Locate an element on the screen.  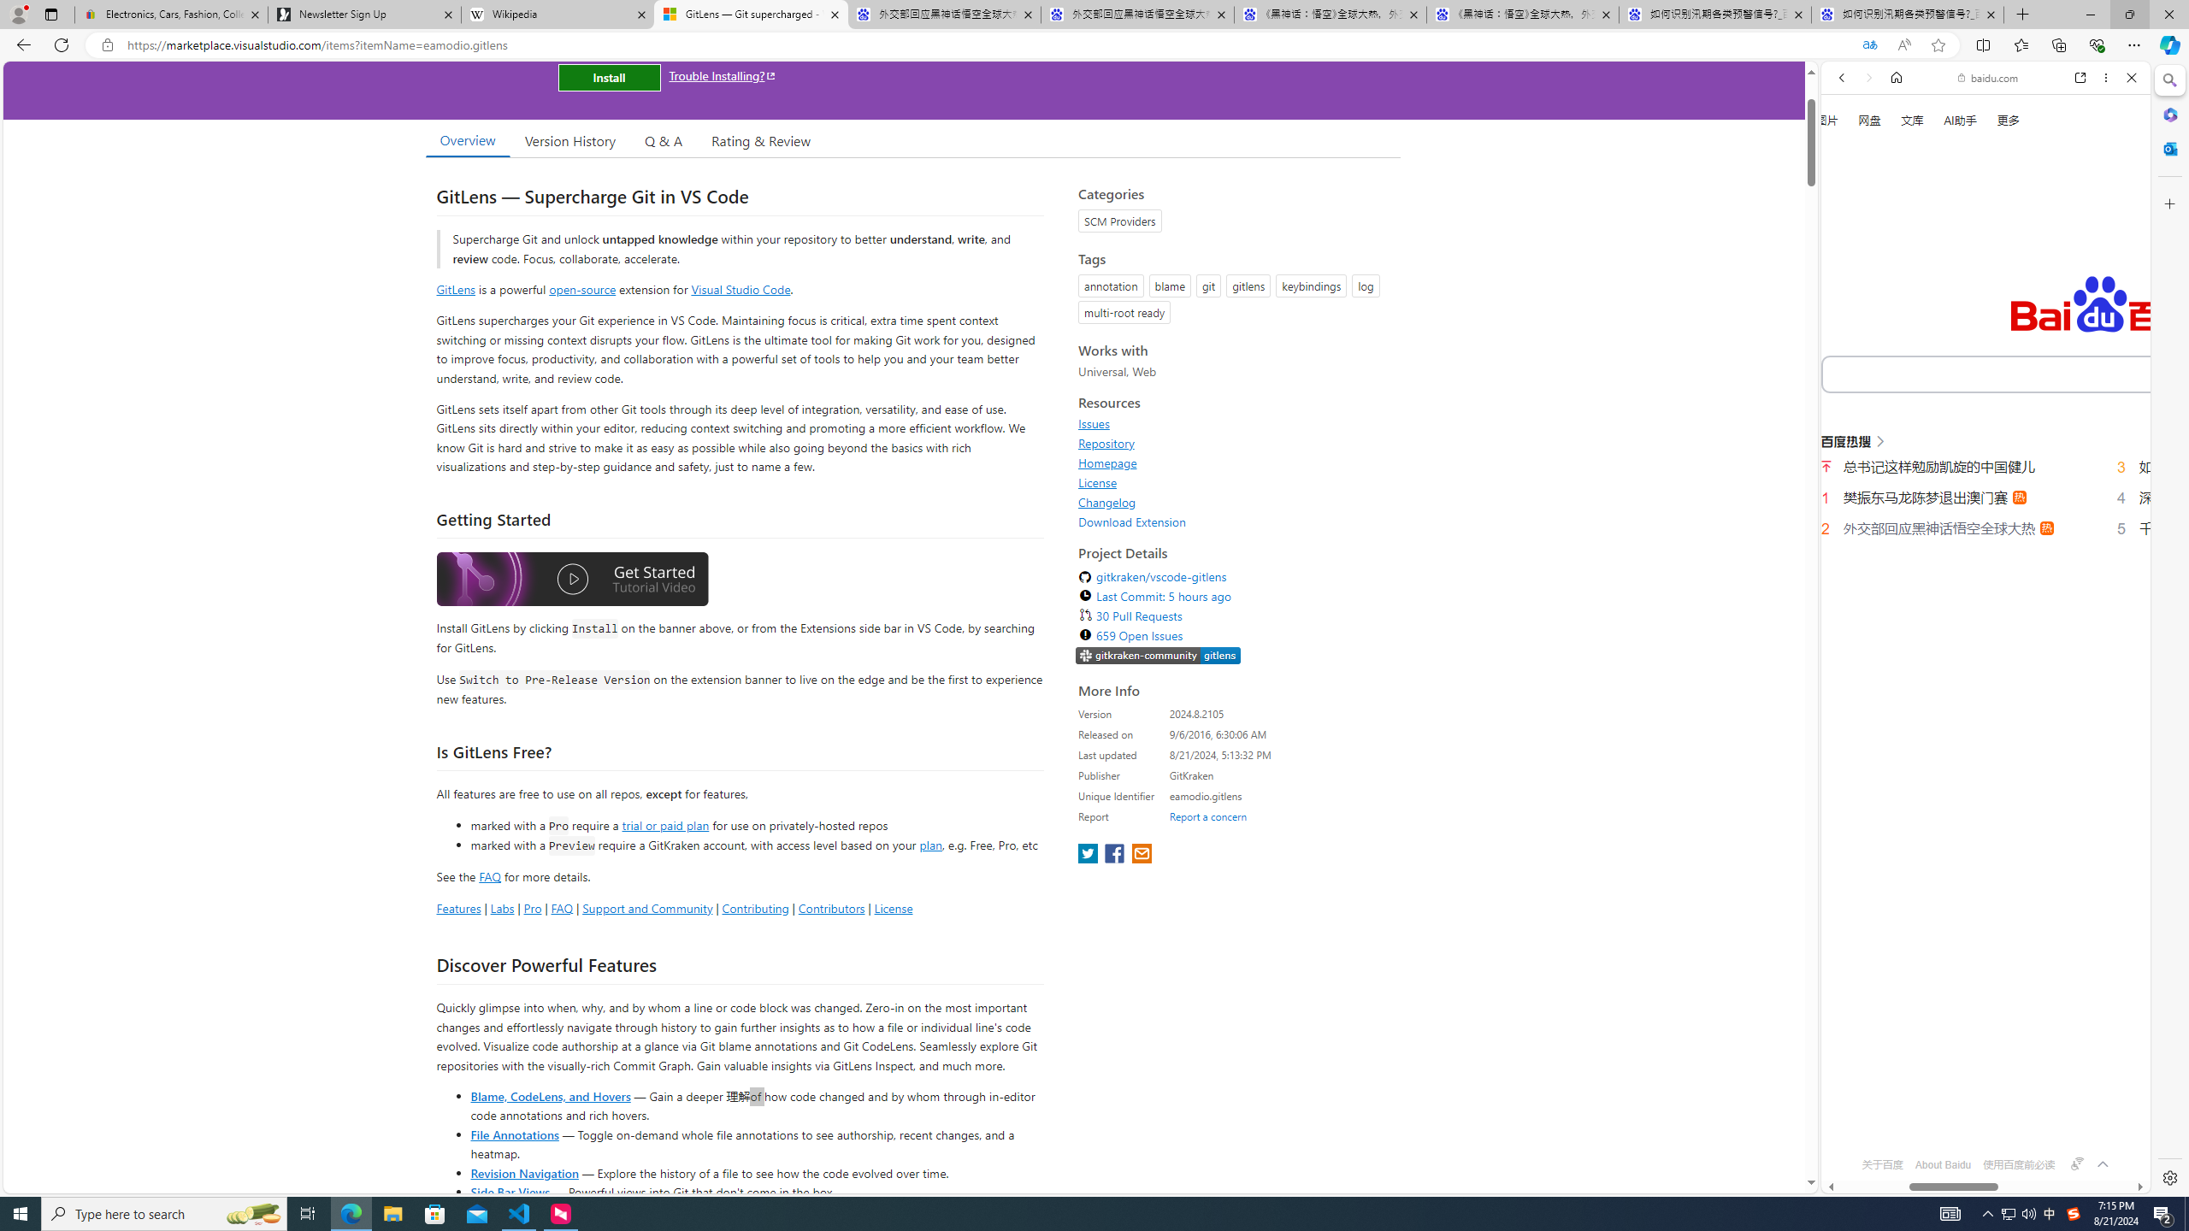
'Blame, CodeLens, and Hovers' is located at coordinates (550, 1094).